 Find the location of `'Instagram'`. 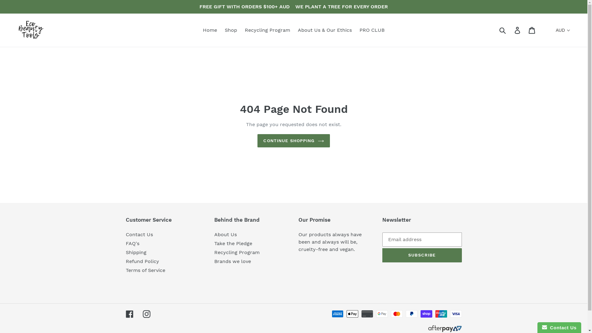

'Instagram' is located at coordinates (146, 314).